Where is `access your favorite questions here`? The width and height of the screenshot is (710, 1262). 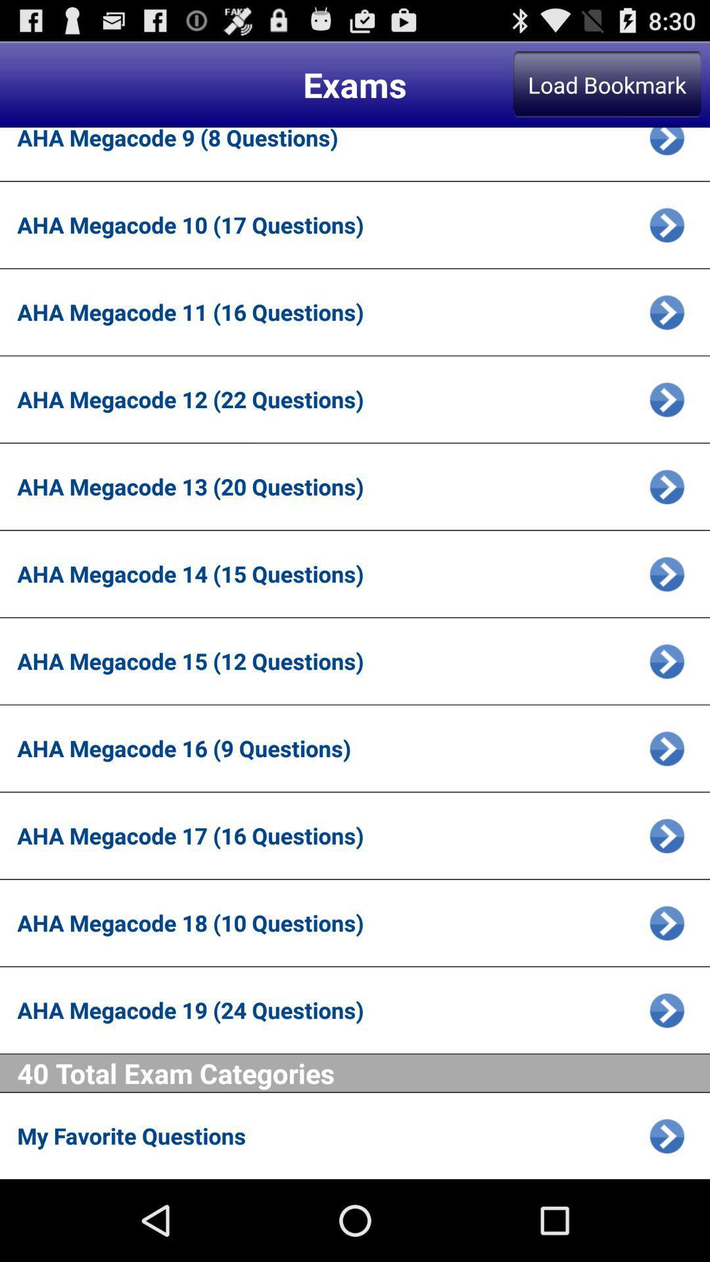 access your favorite questions here is located at coordinates (667, 1135).